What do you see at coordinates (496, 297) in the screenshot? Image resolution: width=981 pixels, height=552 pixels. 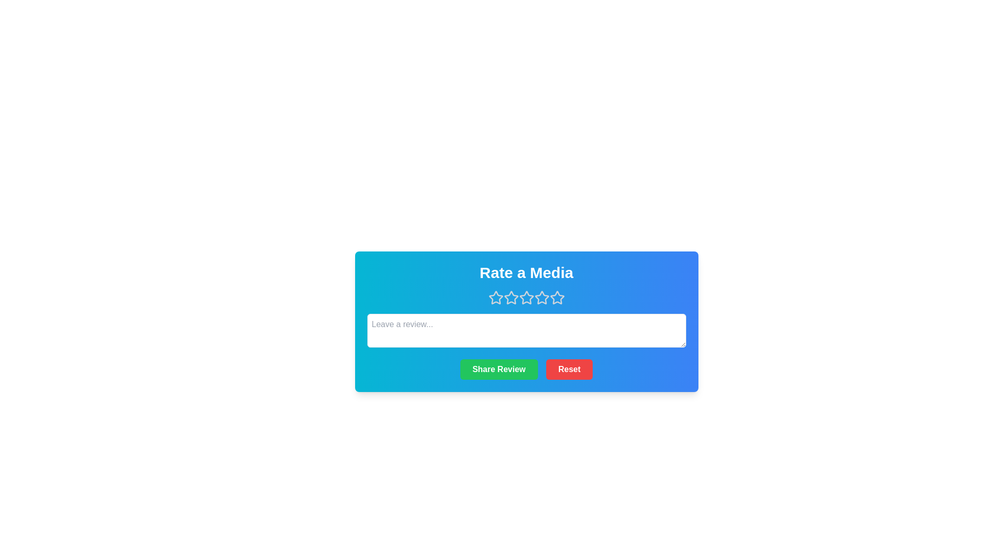 I see `the rating to 1 stars by clicking on the respective star` at bounding box center [496, 297].